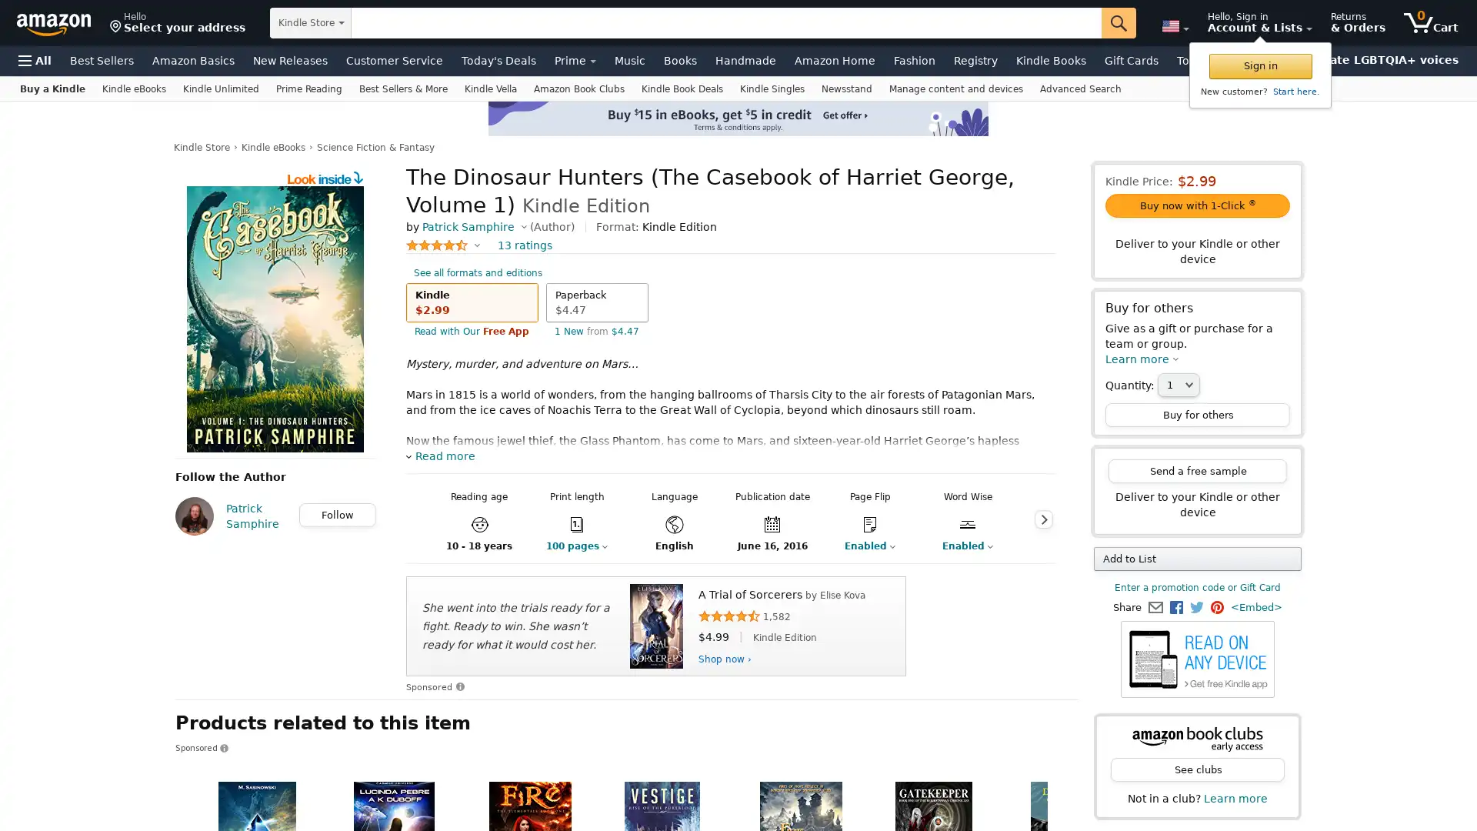 The image size is (1477, 831). Describe the element at coordinates (869, 545) in the screenshot. I see `Enabled` at that location.